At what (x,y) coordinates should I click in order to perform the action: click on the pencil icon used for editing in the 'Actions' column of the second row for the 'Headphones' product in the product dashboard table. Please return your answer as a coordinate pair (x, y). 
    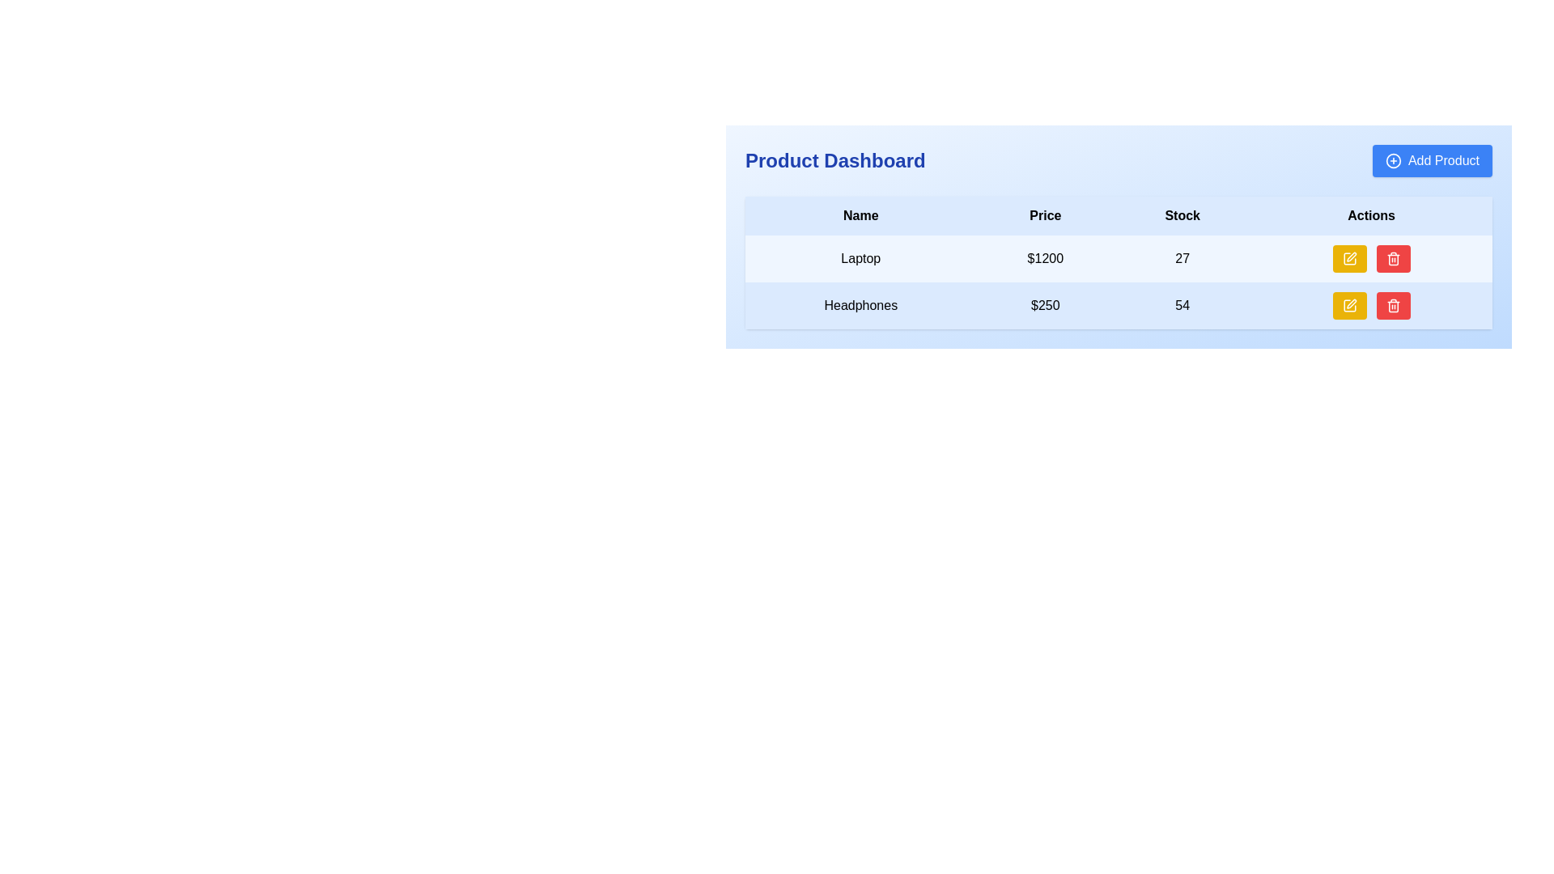
    Looking at the image, I should click on (1349, 306).